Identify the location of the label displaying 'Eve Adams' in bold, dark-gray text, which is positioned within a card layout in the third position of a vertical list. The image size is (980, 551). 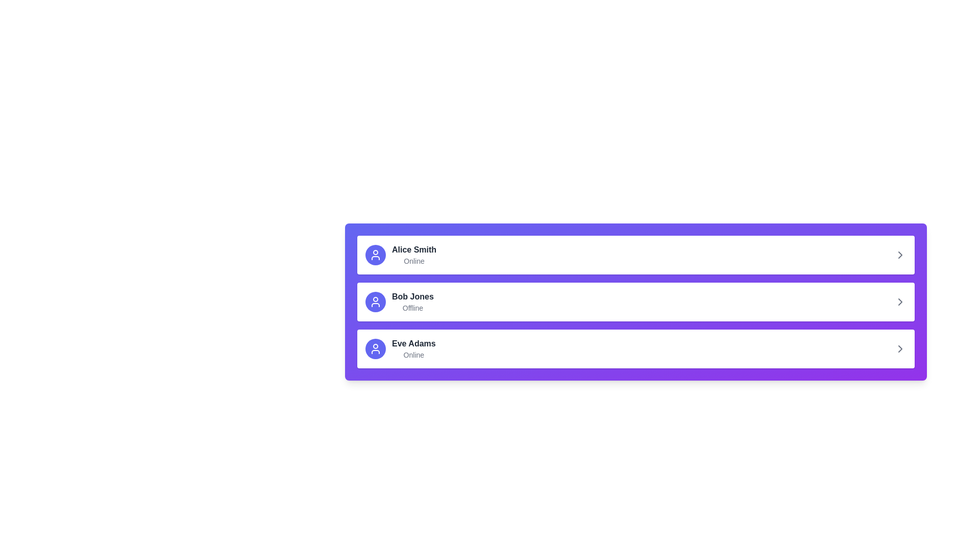
(413, 344).